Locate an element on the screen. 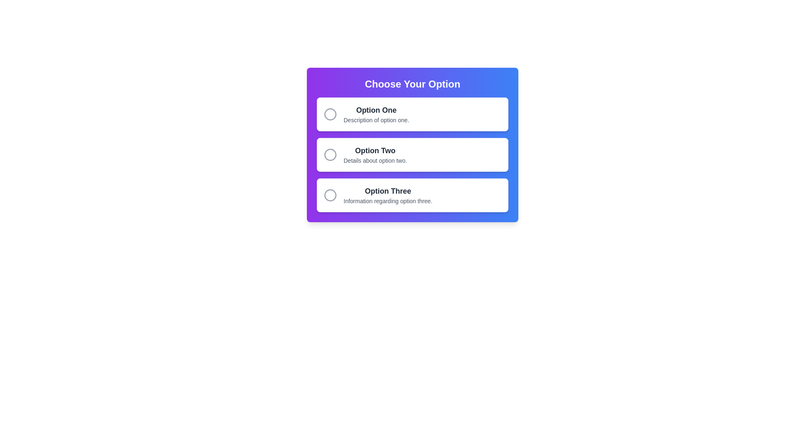 This screenshot has height=446, width=793. text of the selectable option labeled 'Option One' located beneath the header 'Choose Your Option' in the first card of the vertically stacked group of cards is located at coordinates (376, 114).